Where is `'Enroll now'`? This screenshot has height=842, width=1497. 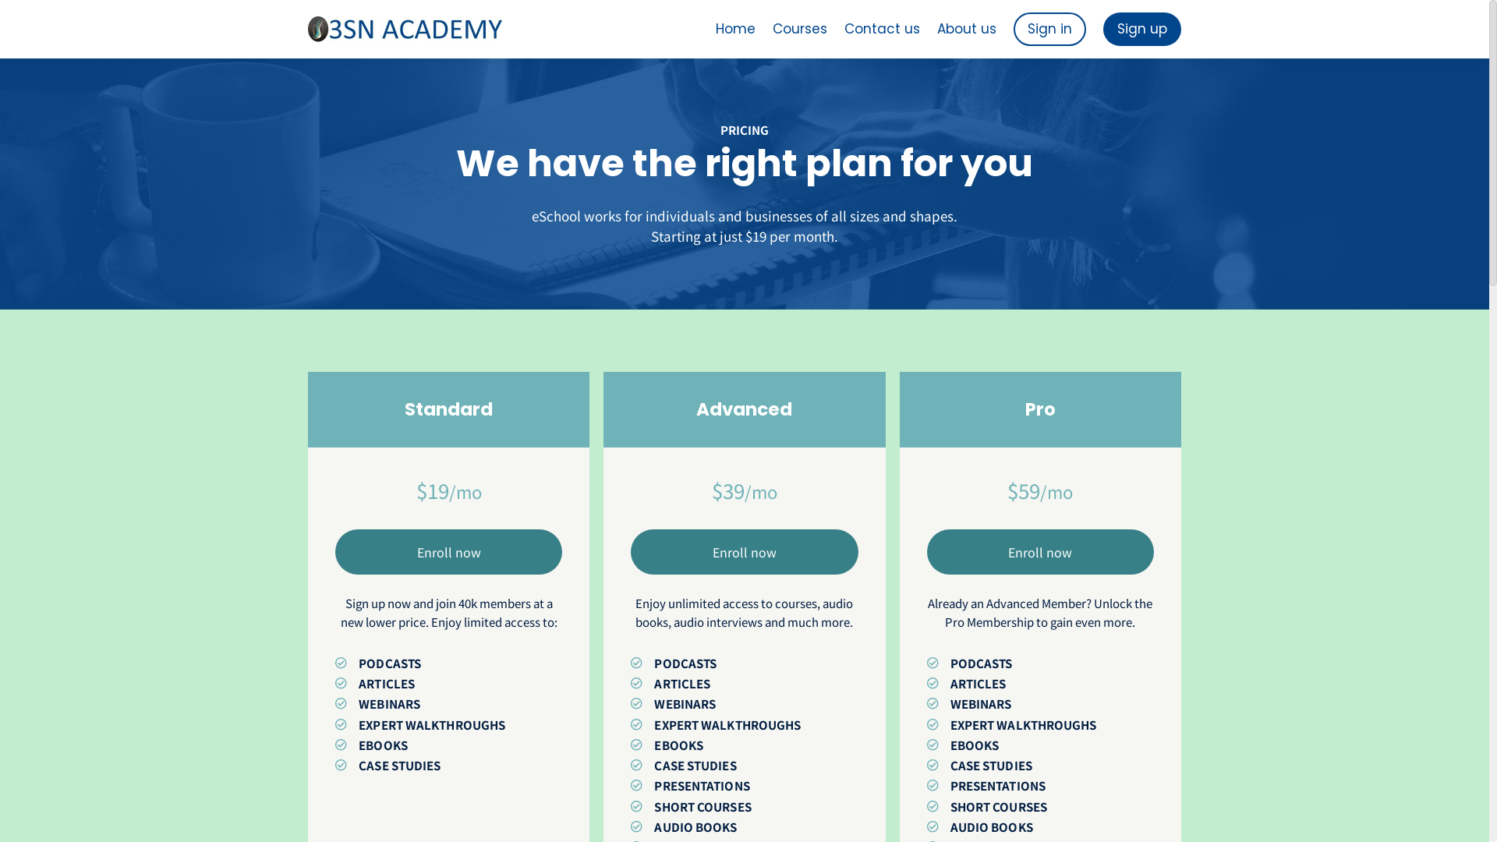 'Enroll now' is located at coordinates (1040, 551).